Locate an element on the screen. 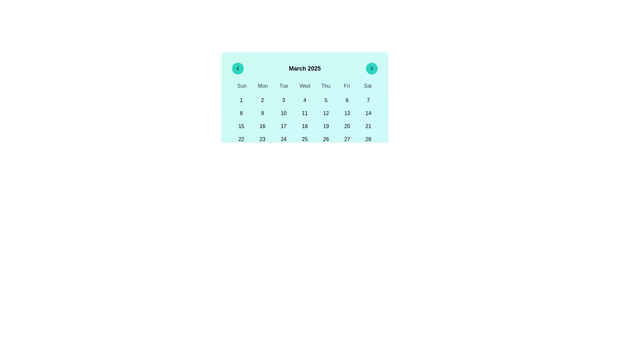 This screenshot has width=624, height=351. the static text label displaying 'Mon', which is the second item in the sequence of day abbreviations in the calendar header is located at coordinates (263, 86).